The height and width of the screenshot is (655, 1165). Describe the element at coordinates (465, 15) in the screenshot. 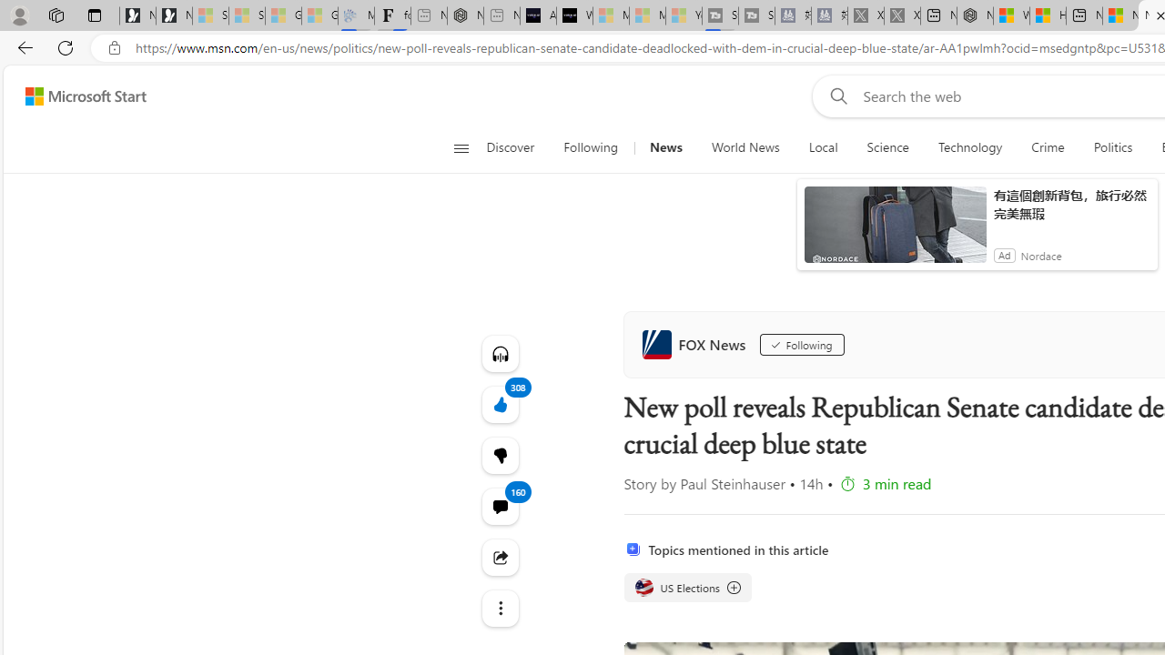

I see `'Nordace - #1 Japanese Best-Seller - Siena Smart Backpack'` at that location.